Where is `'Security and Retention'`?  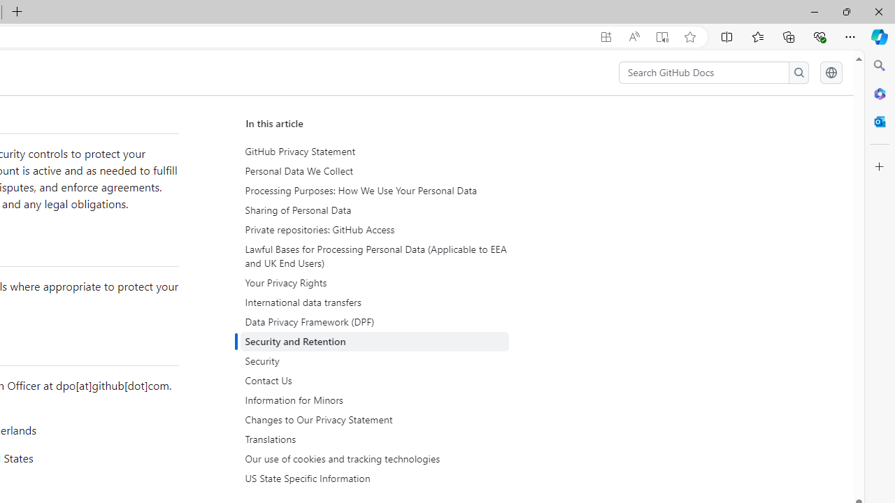
'Security and Retention' is located at coordinates (374, 342).